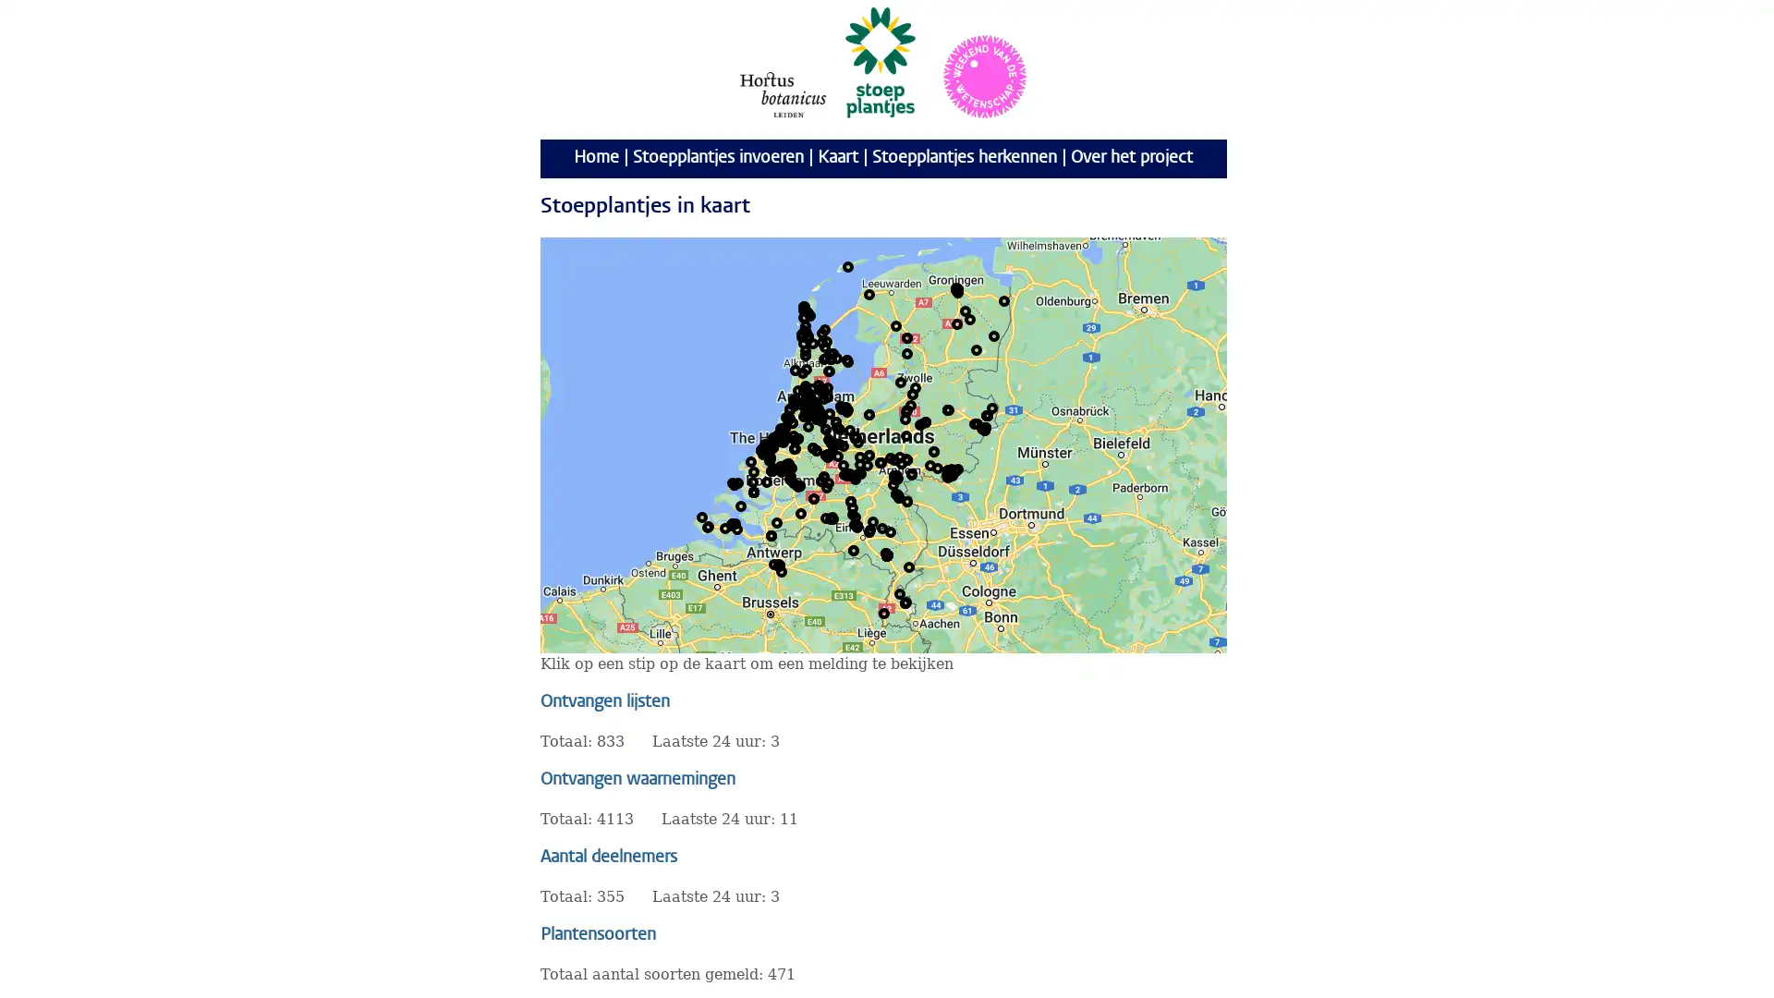 This screenshot has height=998, width=1774. What do you see at coordinates (772, 437) in the screenshot?
I see `Telling van Annette op 28 mei 2022` at bounding box center [772, 437].